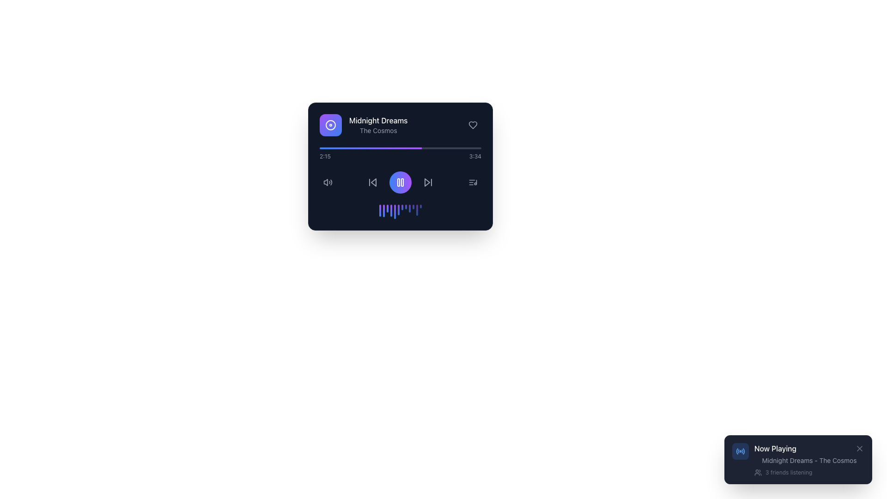 This screenshot has height=499, width=887. I want to click on the tenth vertical waveform bar, which has a gradient from blue to purple and is part of a group of similar elements in the media player interface, so click(413, 206).